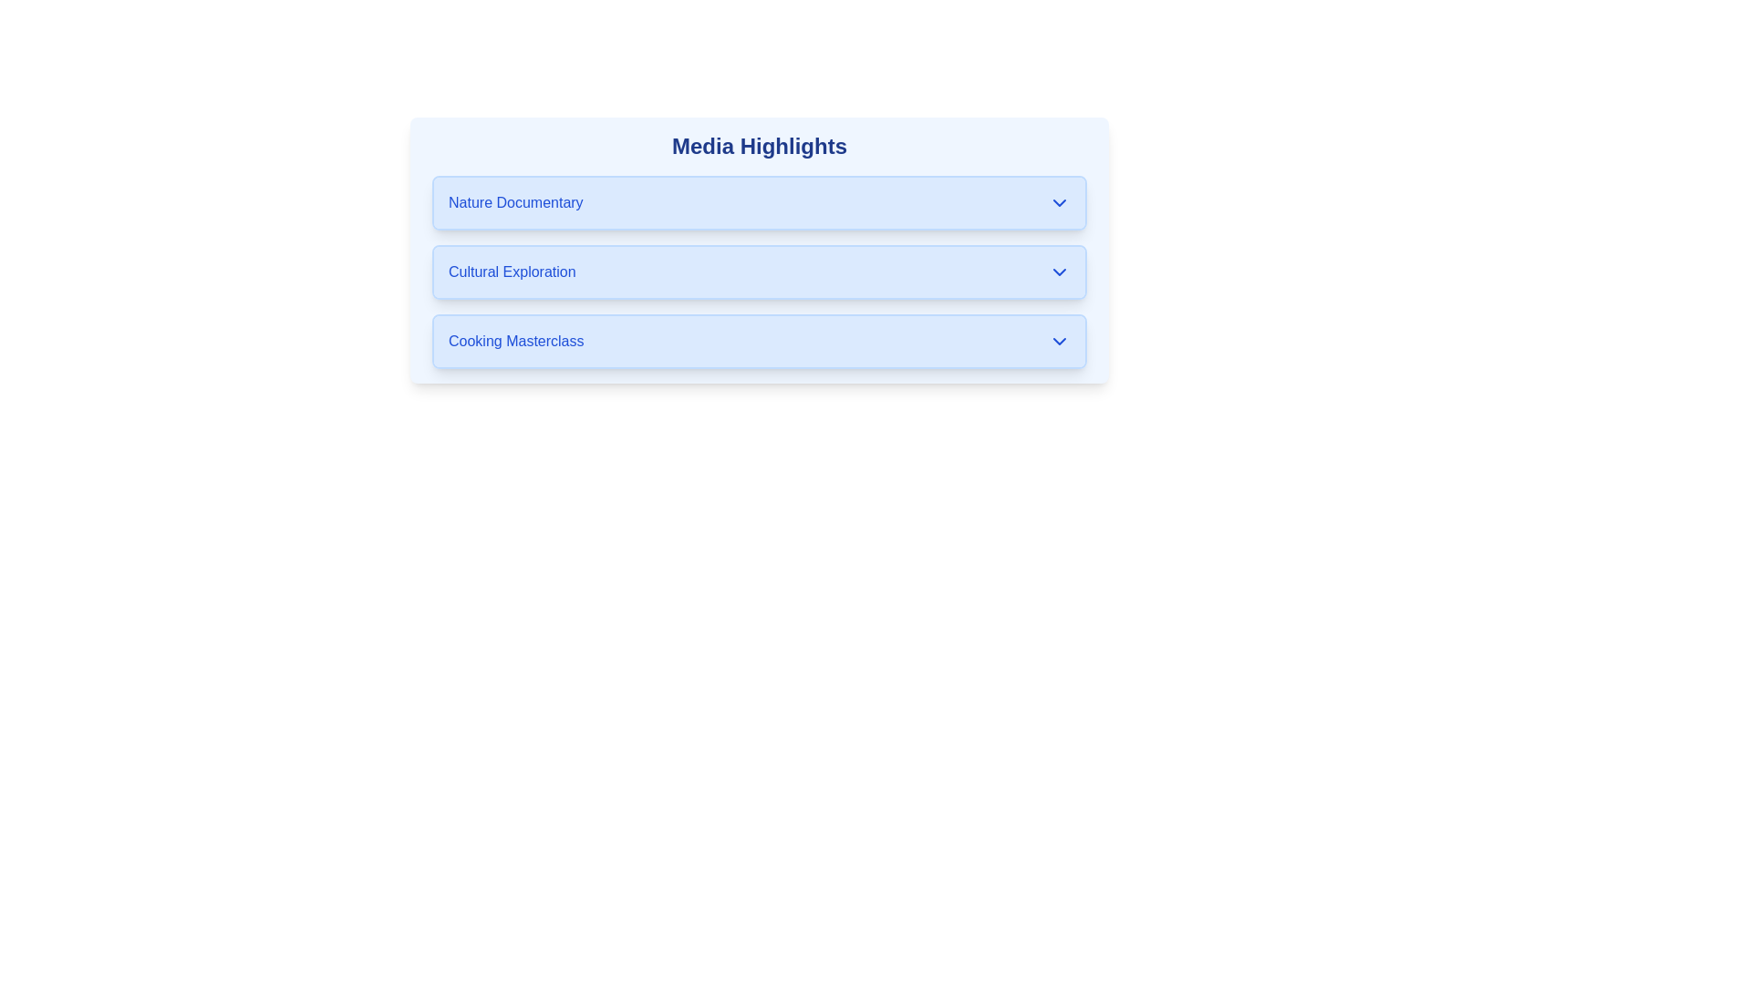 This screenshot has width=1751, height=984. I want to click on the collapsible button for 'Cooking Masterclass' located under 'Media Highlights', so click(760, 341).